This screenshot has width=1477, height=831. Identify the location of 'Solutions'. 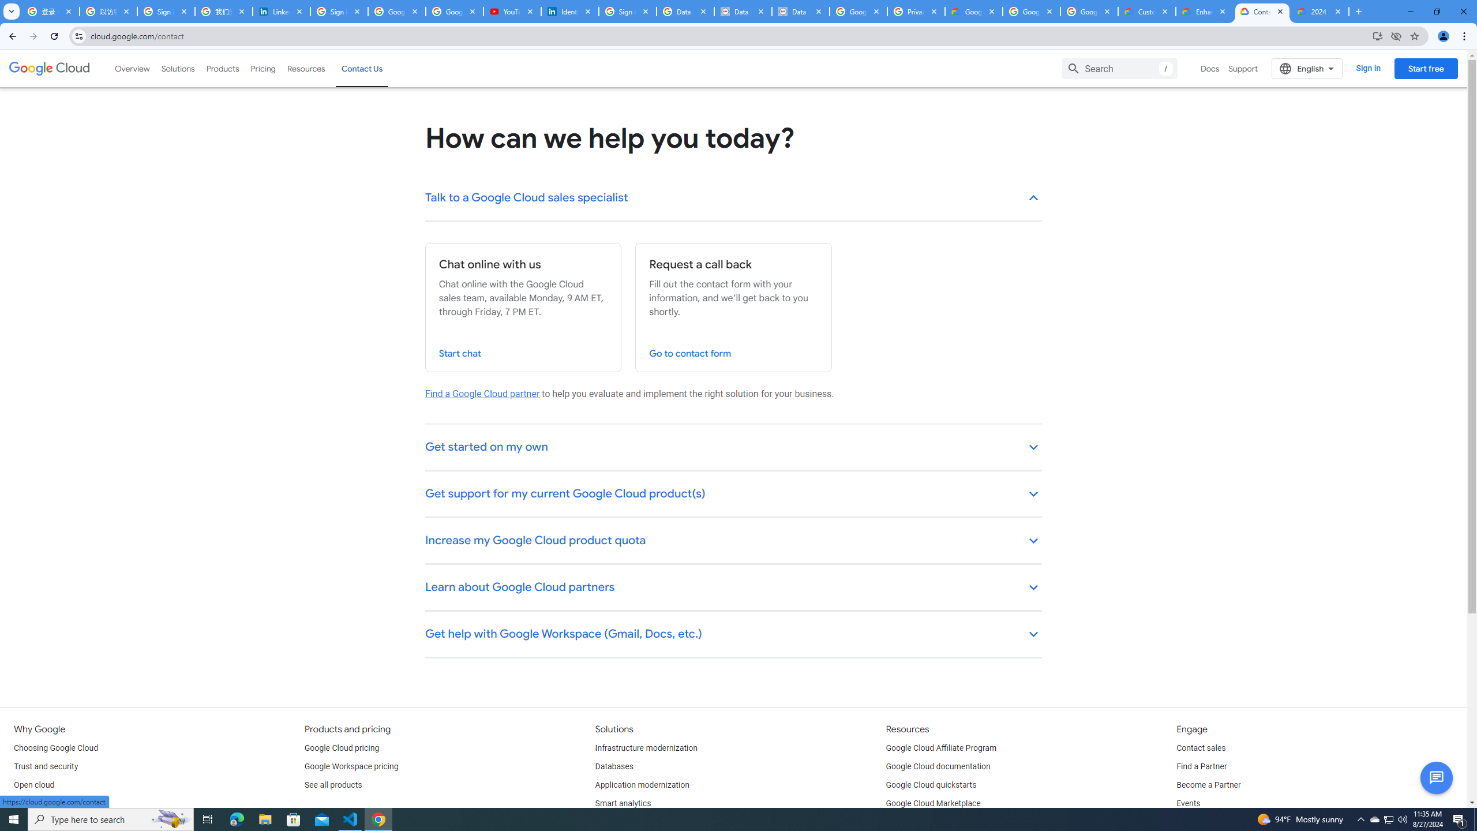
(177, 68).